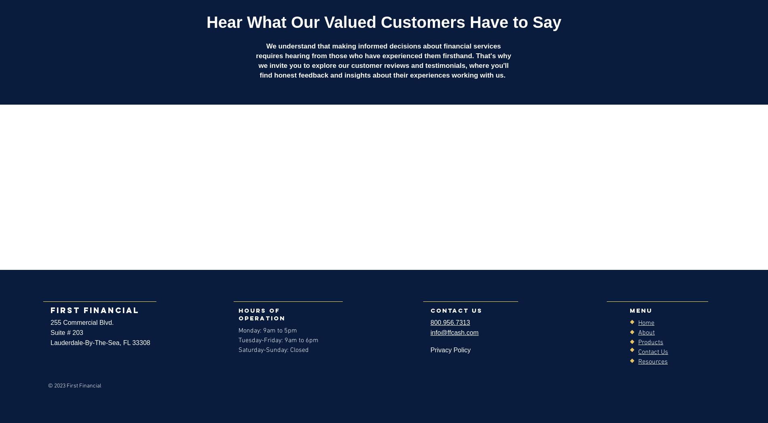 This screenshot has width=768, height=423. Describe the element at coordinates (238, 339) in the screenshot. I see `'Tuesday-Friday: 9am to 6pm'` at that location.